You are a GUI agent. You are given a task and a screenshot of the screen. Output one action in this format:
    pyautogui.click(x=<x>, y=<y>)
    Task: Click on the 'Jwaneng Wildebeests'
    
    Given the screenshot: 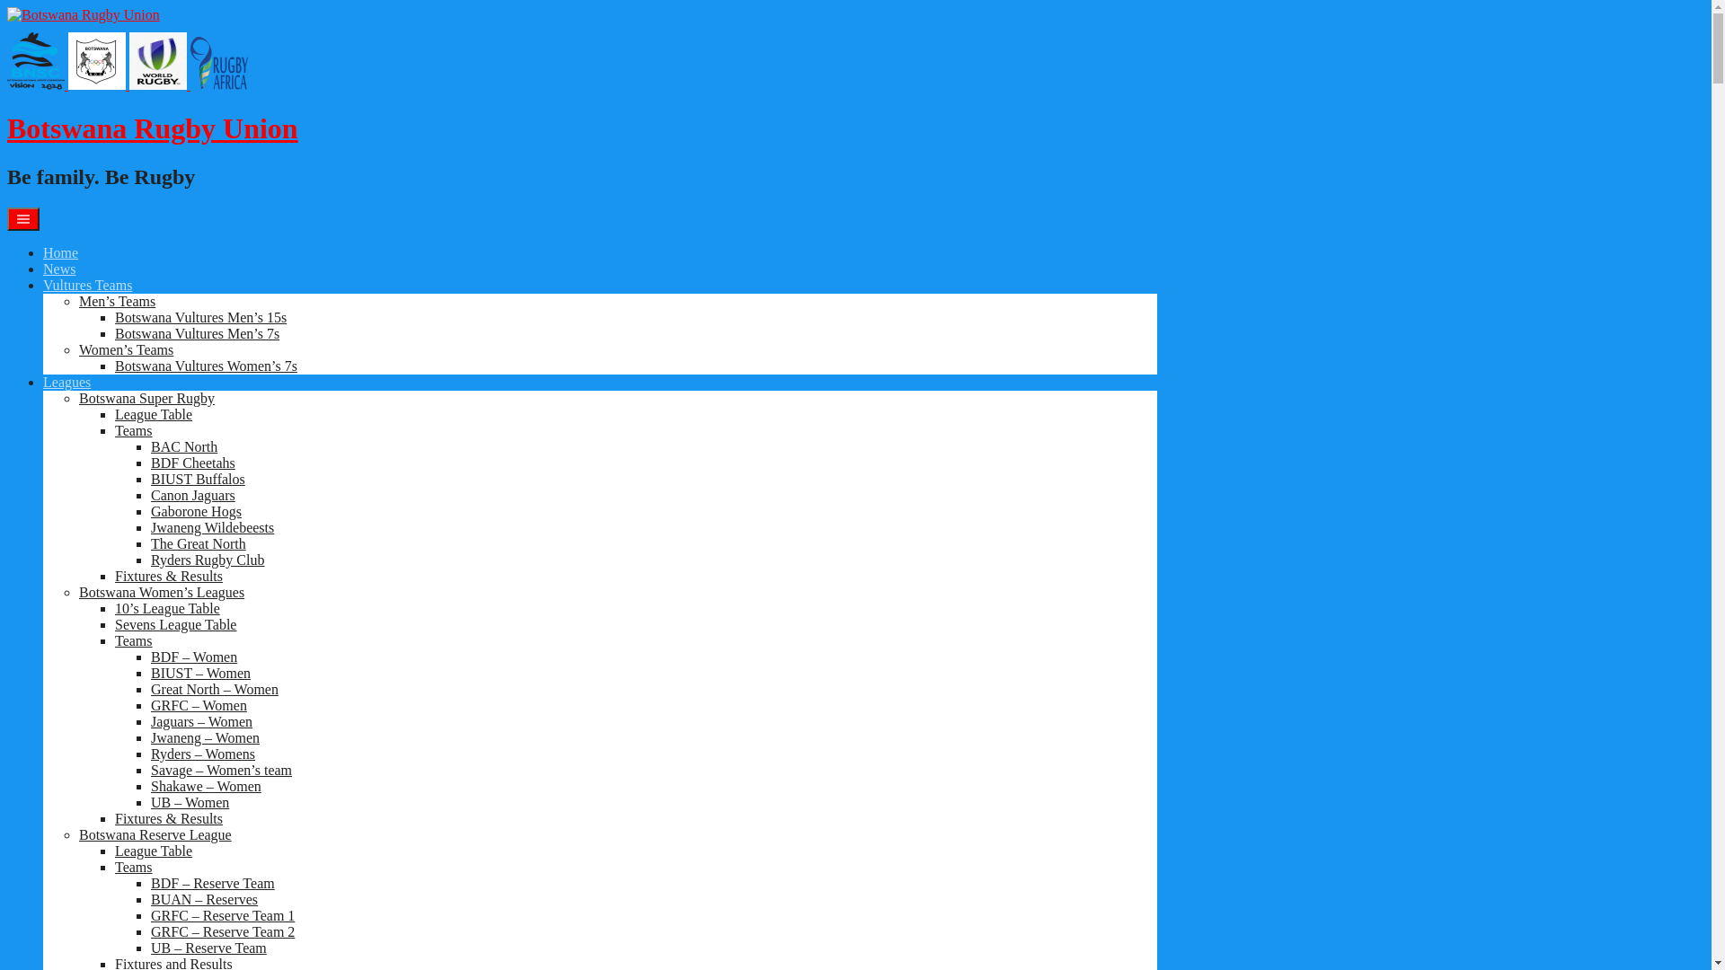 What is the action you would take?
    pyautogui.click(x=212, y=526)
    